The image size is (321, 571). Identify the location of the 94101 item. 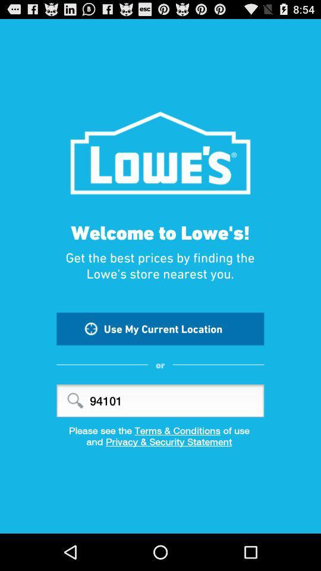
(160, 400).